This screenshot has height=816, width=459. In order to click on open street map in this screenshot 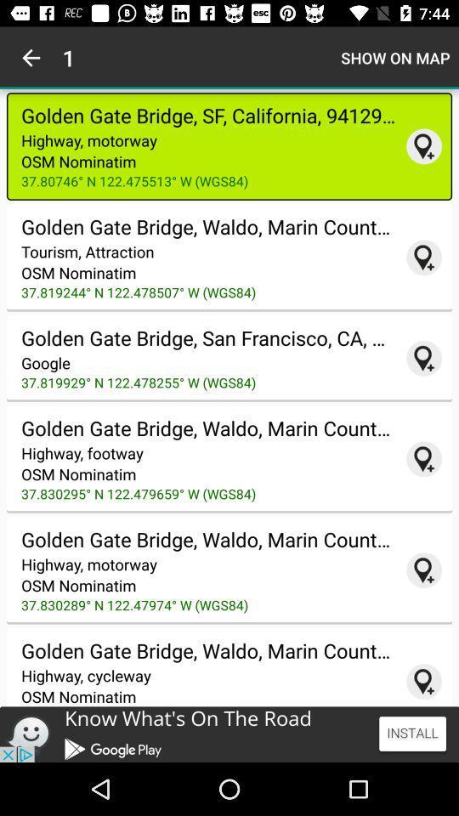, I will do `click(423, 682)`.